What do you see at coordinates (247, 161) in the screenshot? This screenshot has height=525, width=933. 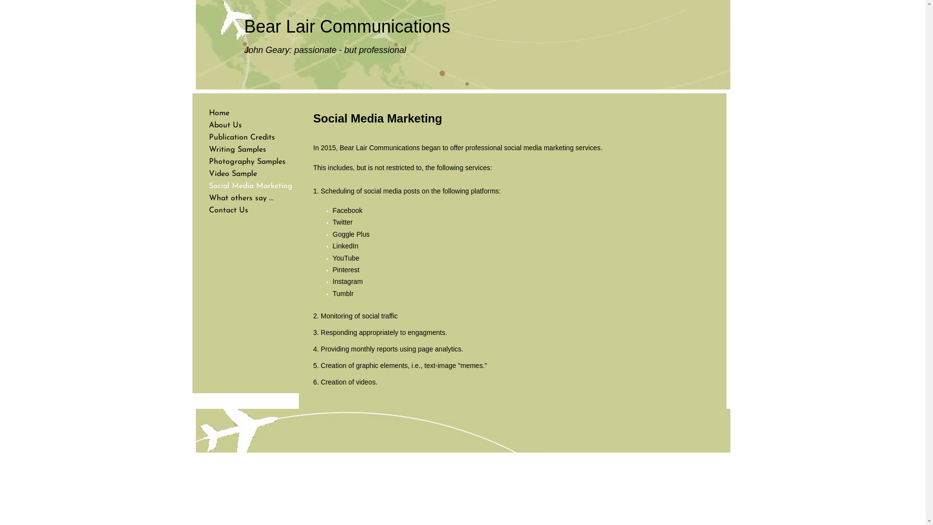 I see `'Photography Samples'` at bounding box center [247, 161].